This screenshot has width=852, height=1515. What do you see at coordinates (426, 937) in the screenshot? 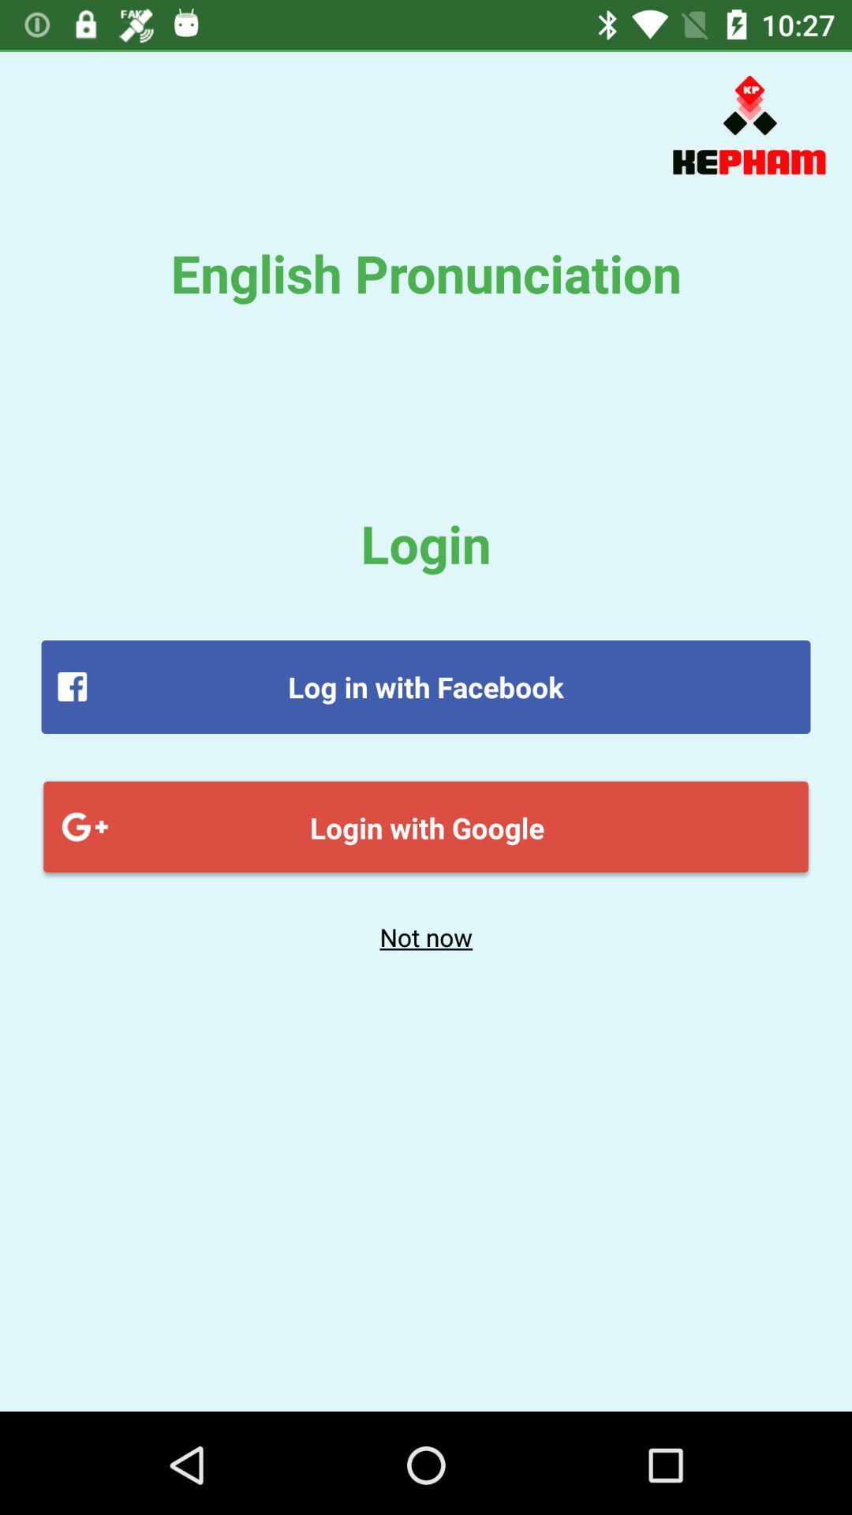
I see `the item below the login with google item` at bounding box center [426, 937].